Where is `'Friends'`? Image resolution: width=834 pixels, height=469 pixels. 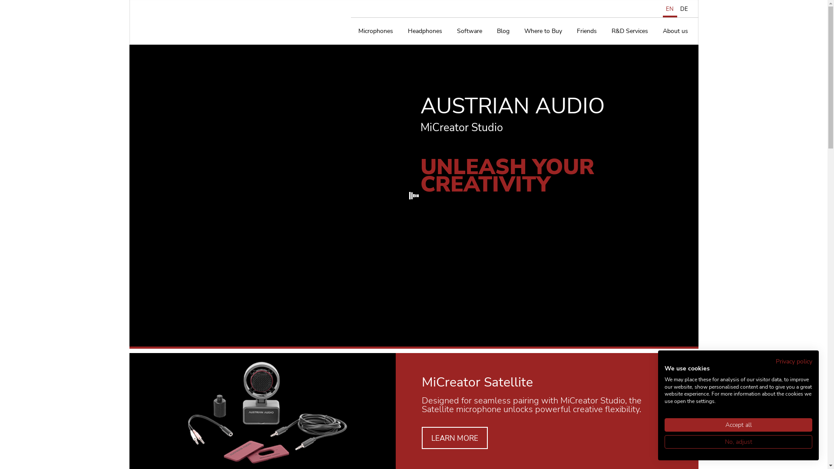
'Friends' is located at coordinates (569, 31).